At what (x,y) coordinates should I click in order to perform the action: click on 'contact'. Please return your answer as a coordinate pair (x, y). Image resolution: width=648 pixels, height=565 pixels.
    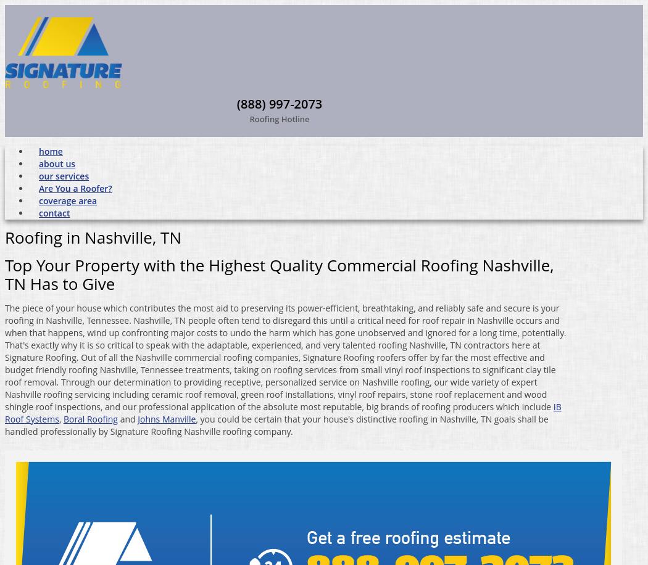
    Looking at the image, I should click on (54, 212).